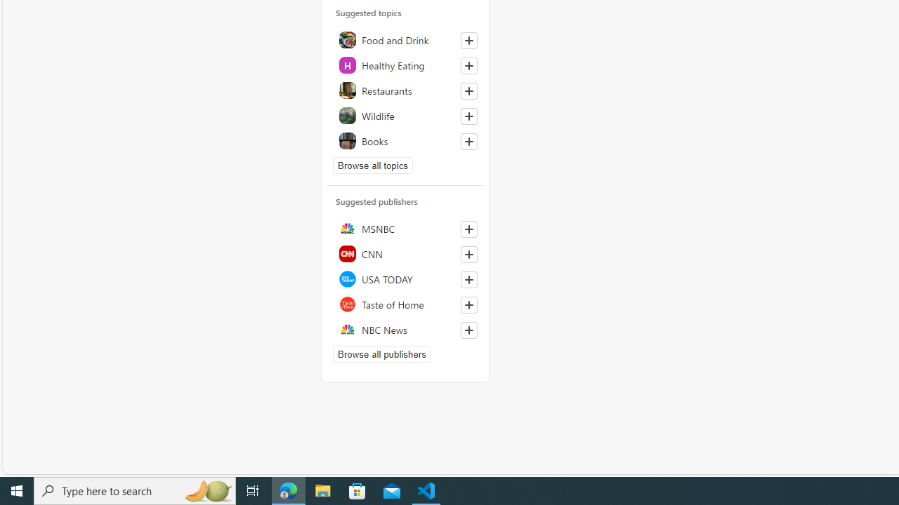 Image resolution: width=899 pixels, height=505 pixels. Describe the element at coordinates (405, 253) in the screenshot. I see `'CNN'` at that location.